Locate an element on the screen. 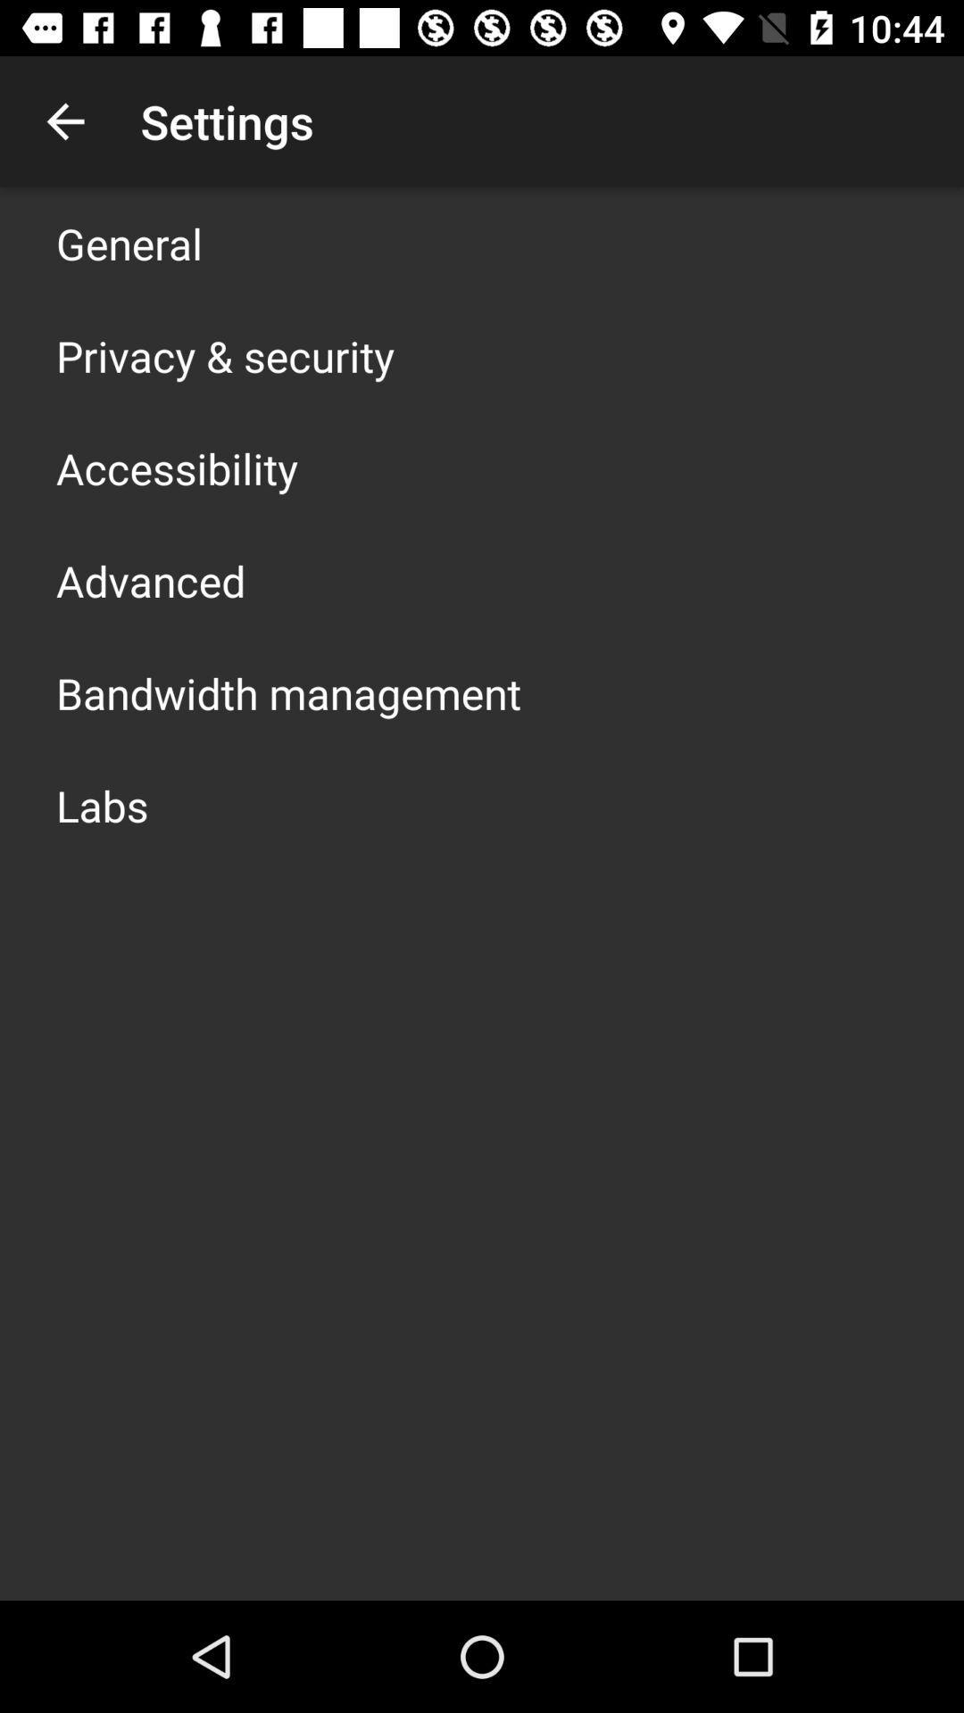 Image resolution: width=964 pixels, height=1713 pixels. icon above privacy & security app is located at coordinates (129, 243).